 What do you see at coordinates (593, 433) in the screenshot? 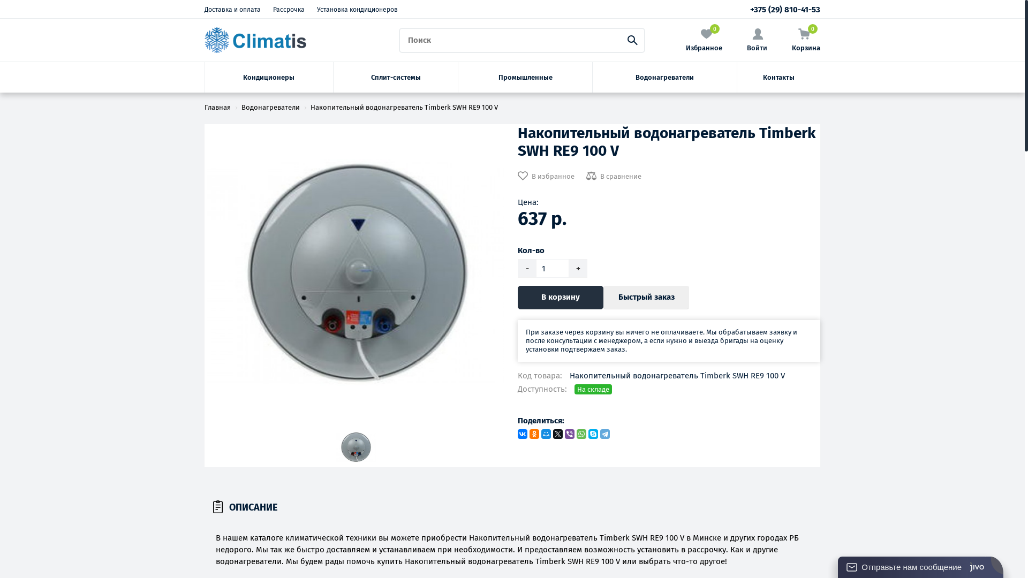
I see `'Skype'` at bounding box center [593, 433].